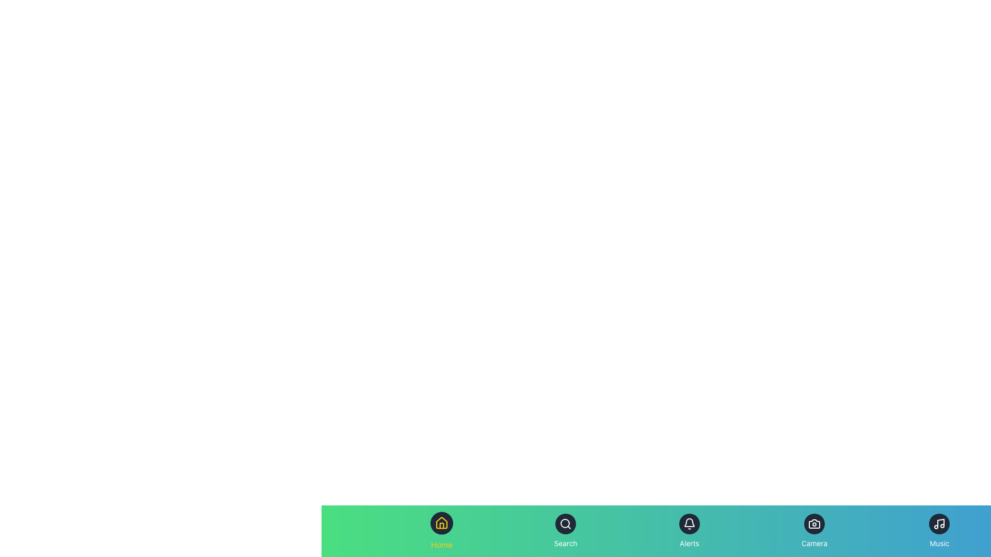 This screenshot has height=557, width=991. What do you see at coordinates (564, 523) in the screenshot?
I see `the SVG circle that visually represents the search icon, located at the center of the magnifying glass icon in the bottom navigation bar` at bounding box center [564, 523].